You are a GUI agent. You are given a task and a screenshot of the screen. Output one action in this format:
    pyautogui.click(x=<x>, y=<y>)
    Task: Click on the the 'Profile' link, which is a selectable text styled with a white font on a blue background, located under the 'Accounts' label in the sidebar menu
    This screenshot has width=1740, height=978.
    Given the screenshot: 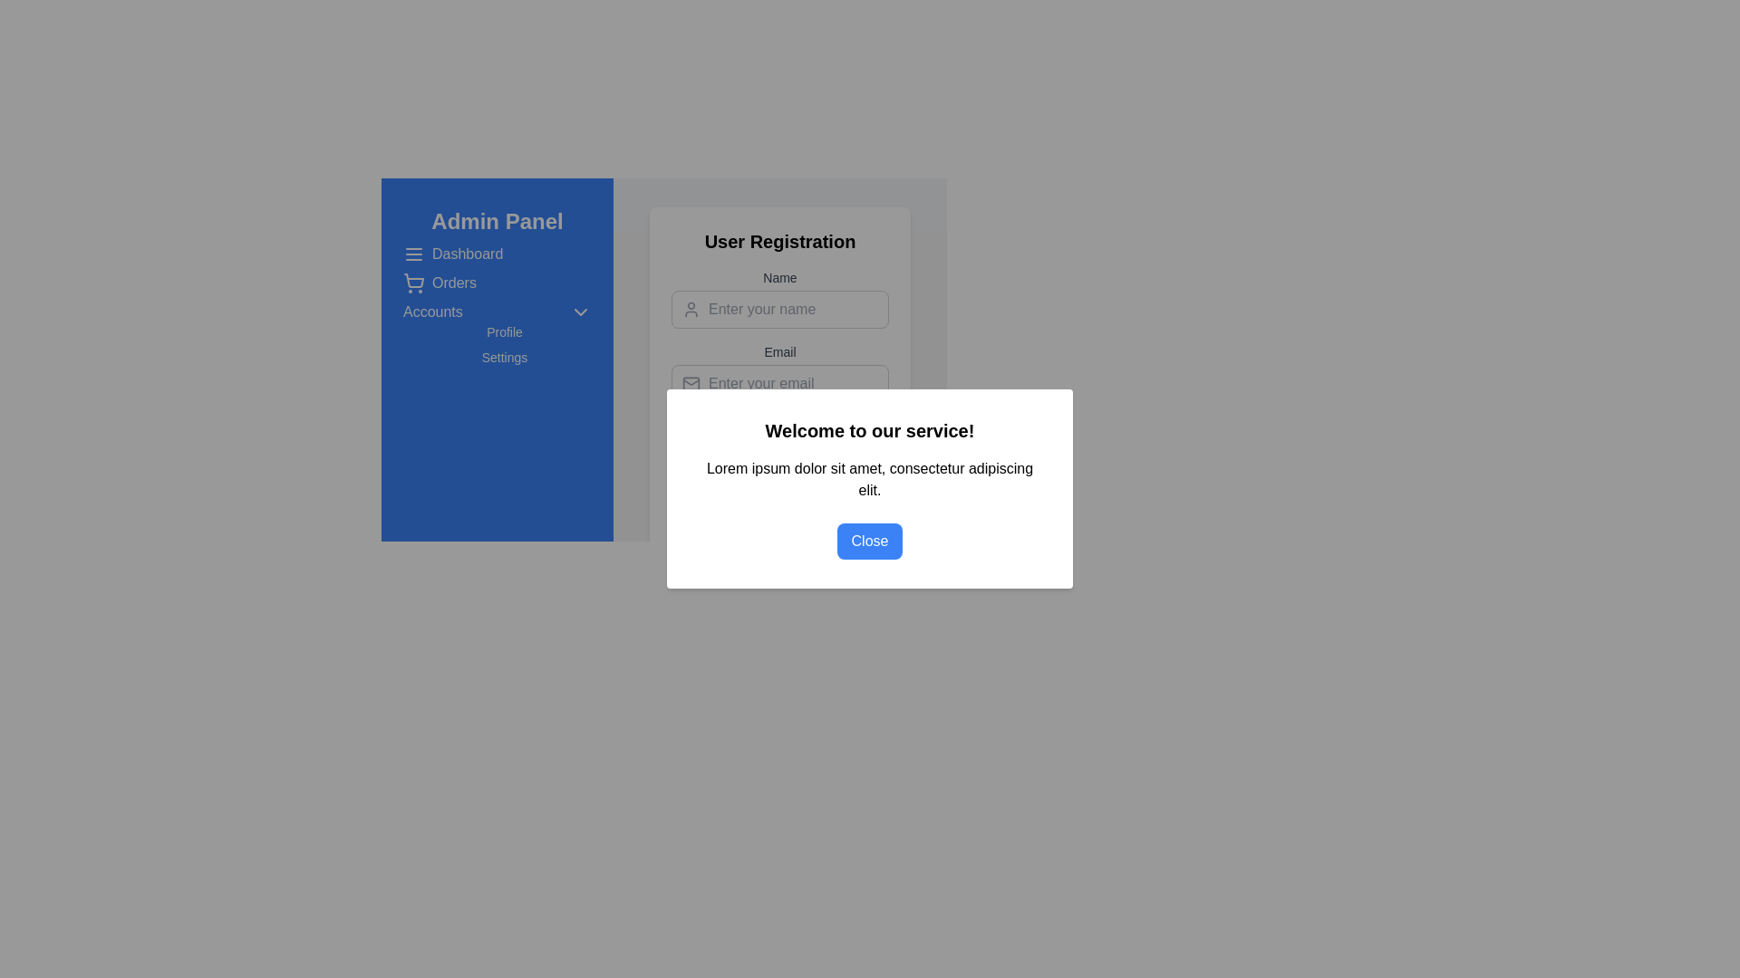 What is the action you would take?
    pyautogui.click(x=504, y=331)
    